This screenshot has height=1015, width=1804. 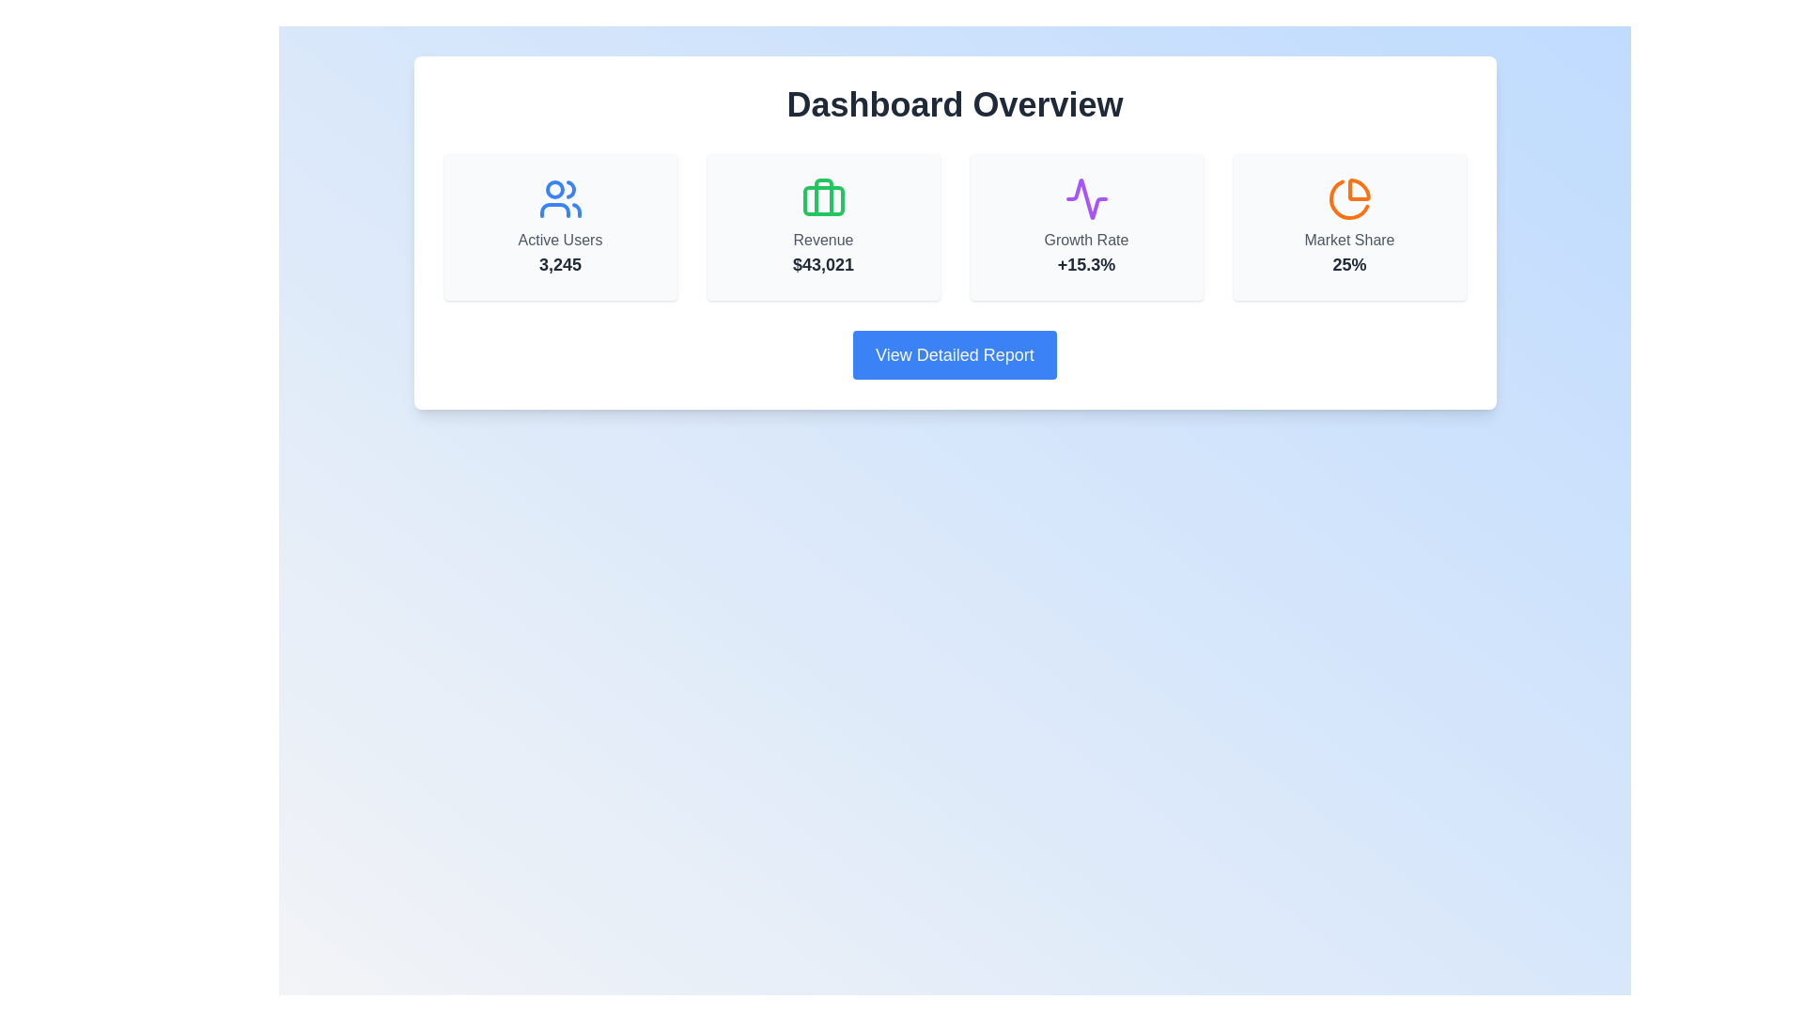 What do you see at coordinates (559, 226) in the screenshot?
I see `the Informational card displaying the number of active users, which is the first card in a horizontal layout under the 'Dashboard Overview'` at bounding box center [559, 226].